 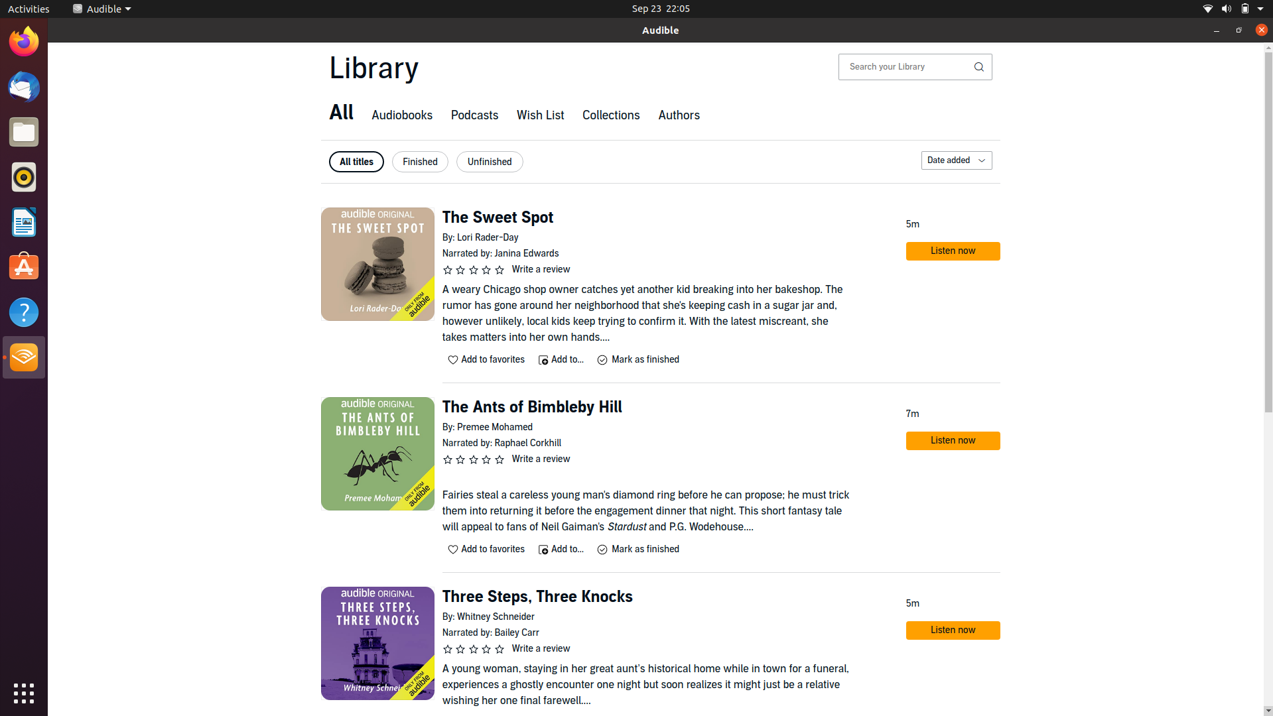 What do you see at coordinates (637, 359) in the screenshot?
I see `Designate "The Sweet Spot" as done and inspect if it is listed in completed section` at bounding box center [637, 359].